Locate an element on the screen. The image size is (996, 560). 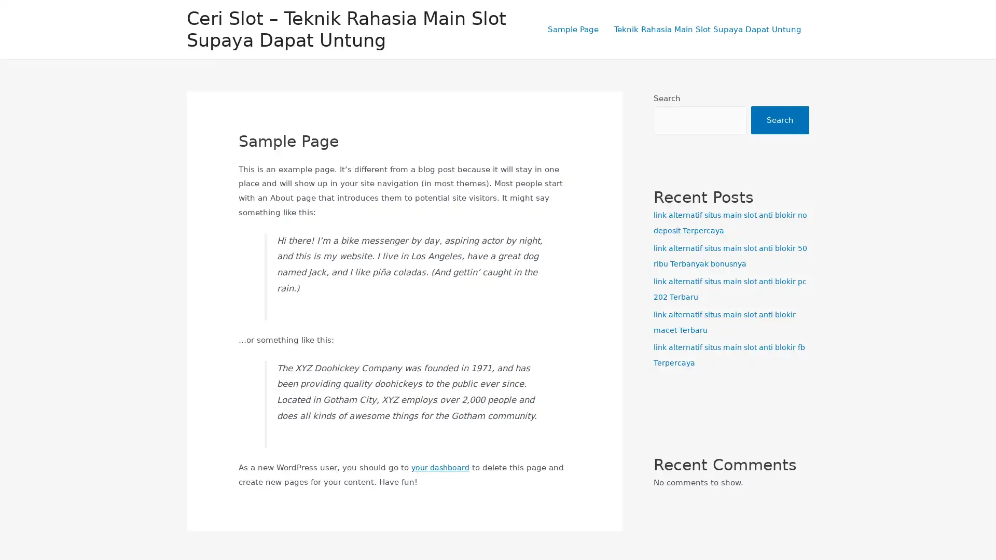
Search is located at coordinates (780, 120).